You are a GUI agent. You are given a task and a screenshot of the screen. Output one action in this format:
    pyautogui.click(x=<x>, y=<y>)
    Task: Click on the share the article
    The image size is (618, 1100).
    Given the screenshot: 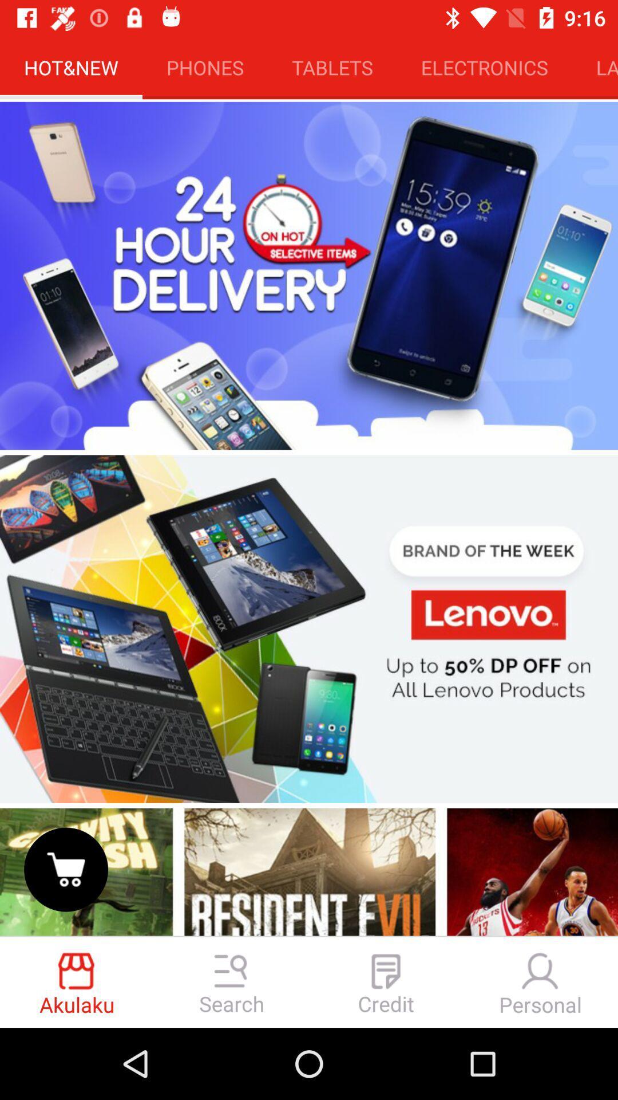 What is the action you would take?
    pyautogui.click(x=309, y=870)
    